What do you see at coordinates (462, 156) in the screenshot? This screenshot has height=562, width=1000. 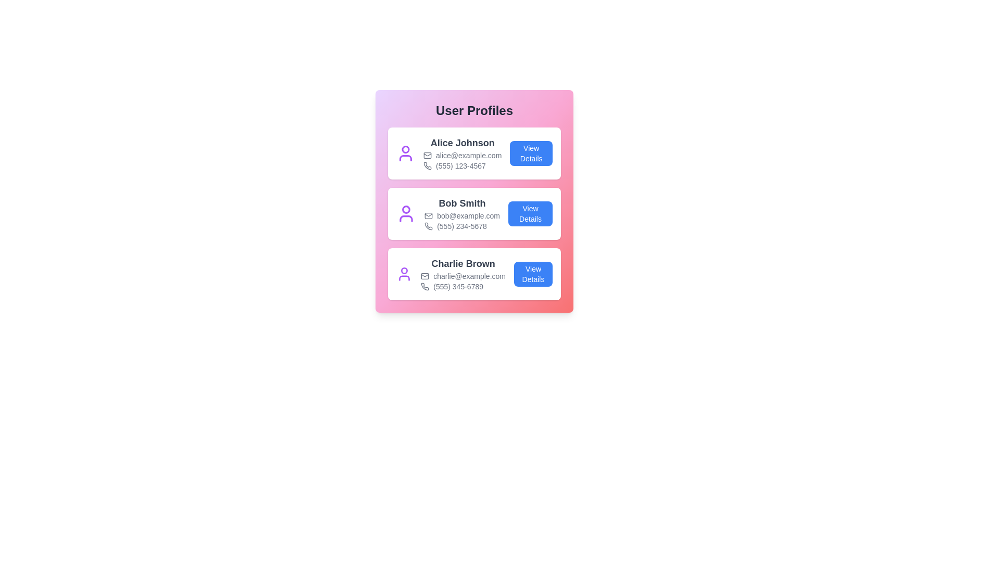 I see `the text content of email for user Alice Johnson` at bounding box center [462, 156].